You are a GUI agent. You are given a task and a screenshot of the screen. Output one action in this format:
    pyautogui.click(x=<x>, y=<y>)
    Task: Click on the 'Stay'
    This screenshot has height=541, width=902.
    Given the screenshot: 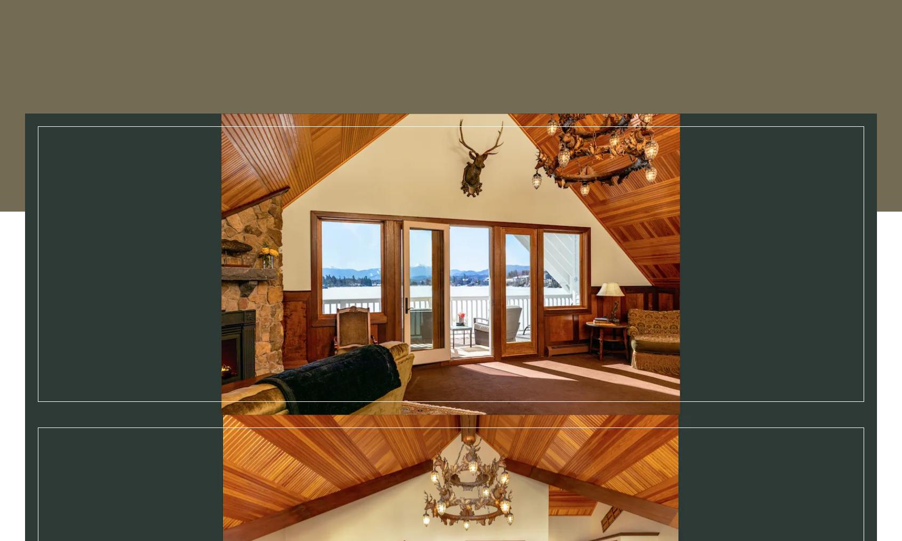 What is the action you would take?
    pyautogui.click(x=276, y=21)
    